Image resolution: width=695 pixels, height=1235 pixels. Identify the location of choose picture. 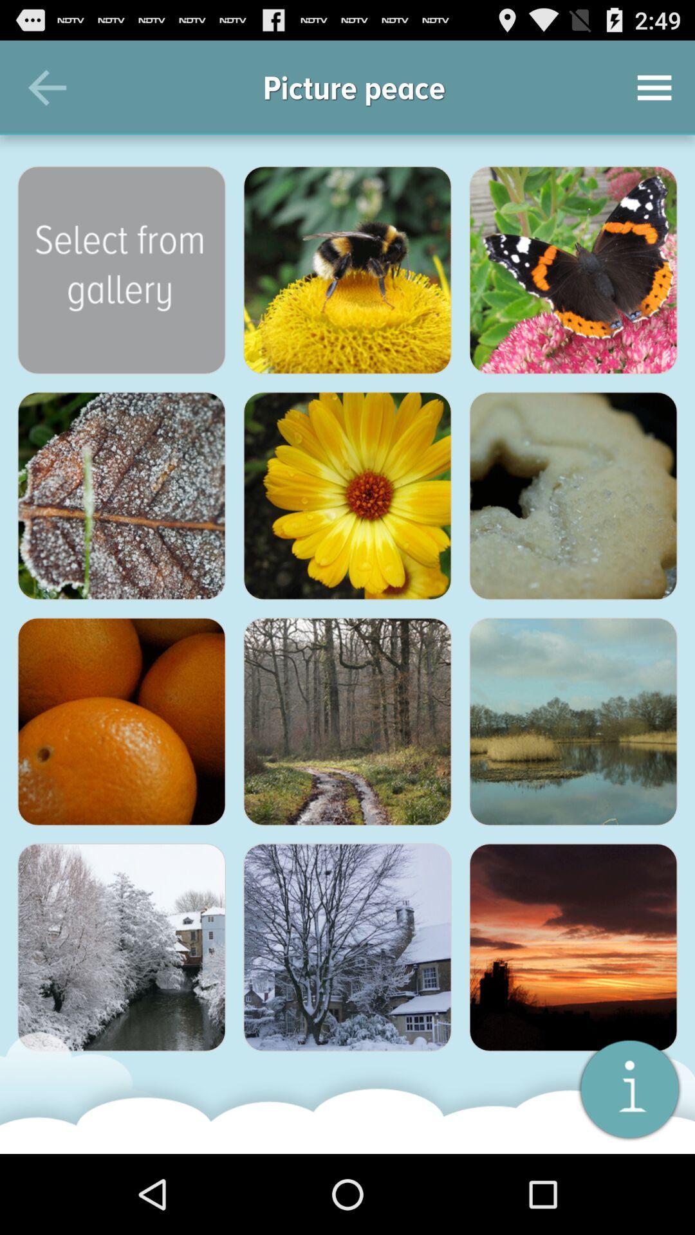
(347, 947).